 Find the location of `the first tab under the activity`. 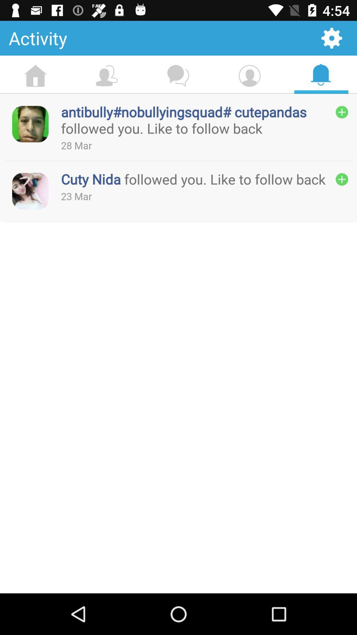

the first tab under the activity is located at coordinates (35, 76).